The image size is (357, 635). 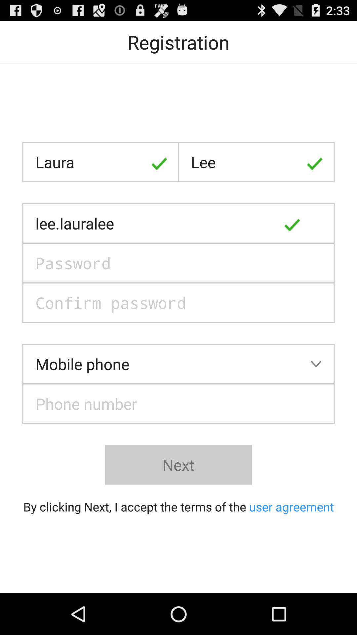 What do you see at coordinates (178, 506) in the screenshot?
I see `by clicking next` at bounding box center [178, 506].